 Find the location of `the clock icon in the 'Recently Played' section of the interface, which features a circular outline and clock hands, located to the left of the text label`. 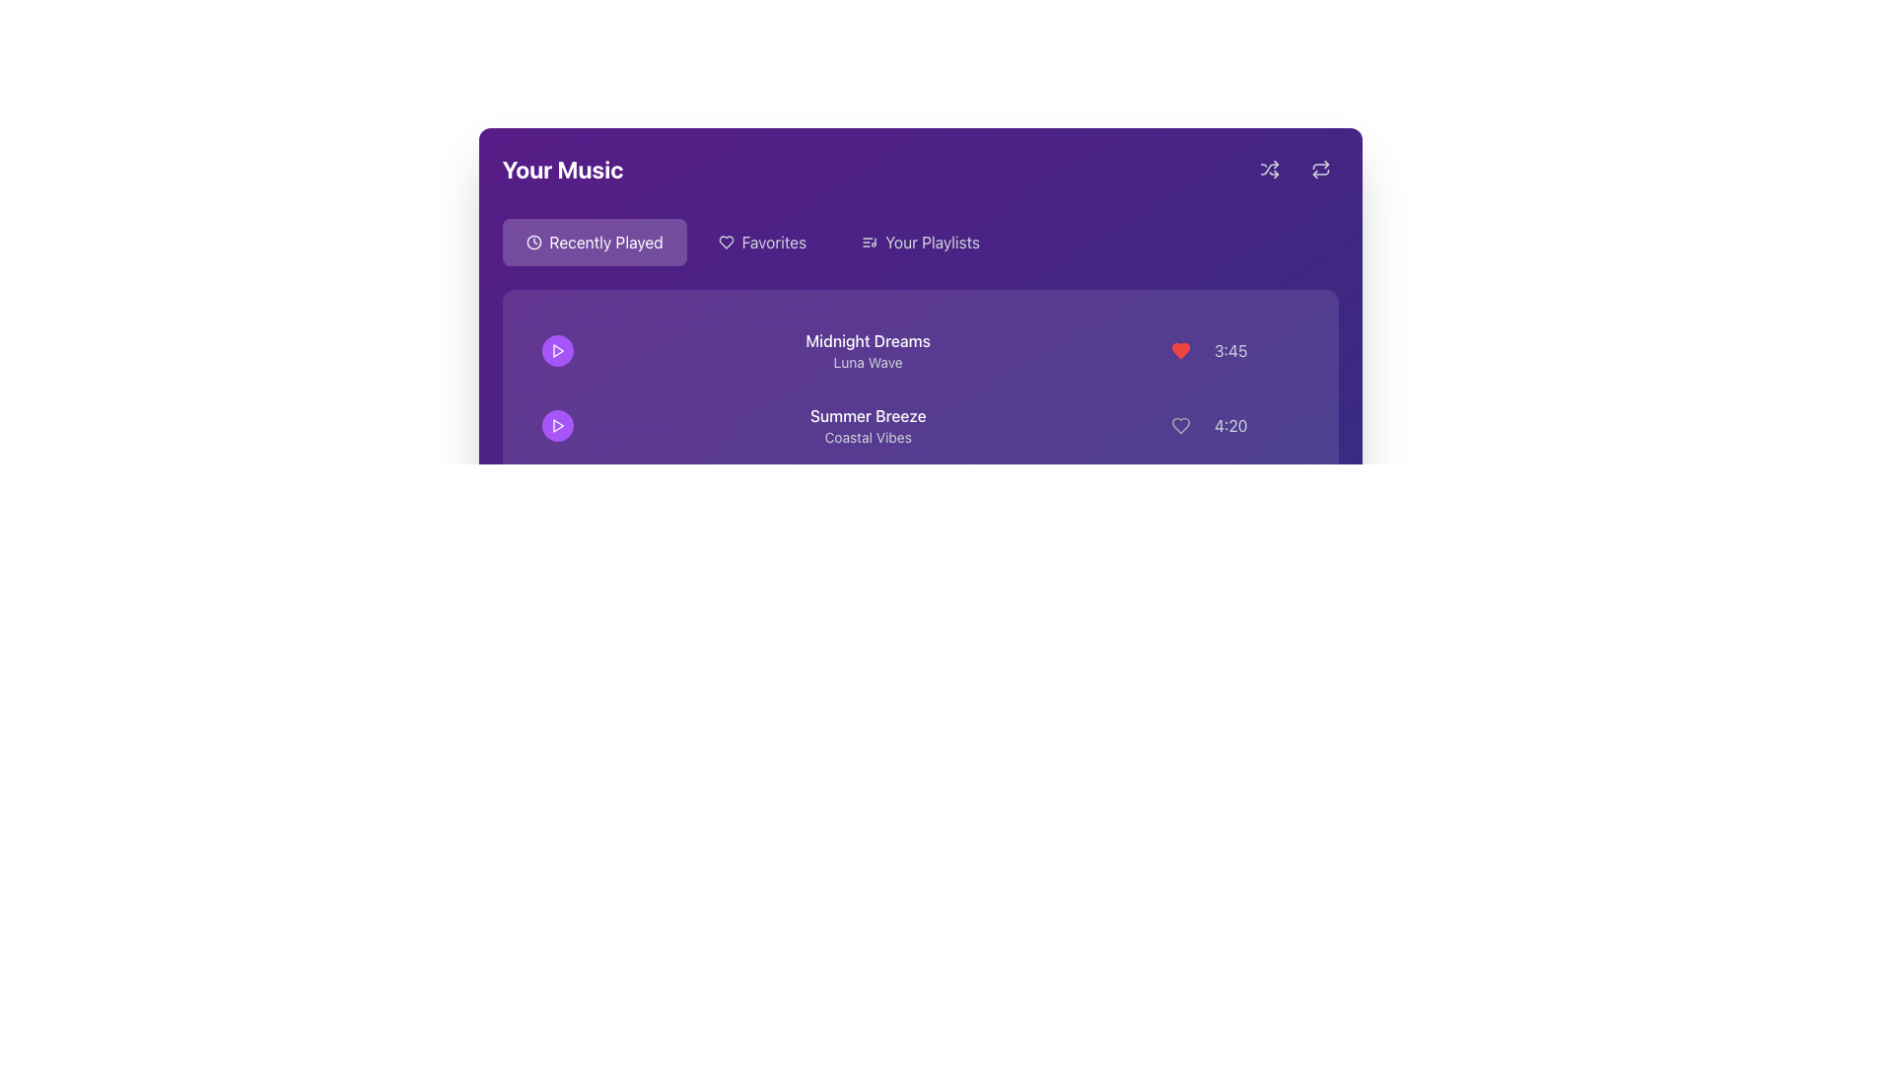

the clock icon in the 'Recently Played' section of the interface, which features a circular outline and clock hands, located to the left of the text label is located at coordinates (533, 242).